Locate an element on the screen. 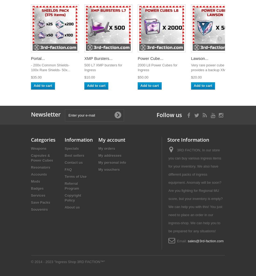  'FAQ' is located at coordinates (68, 169).